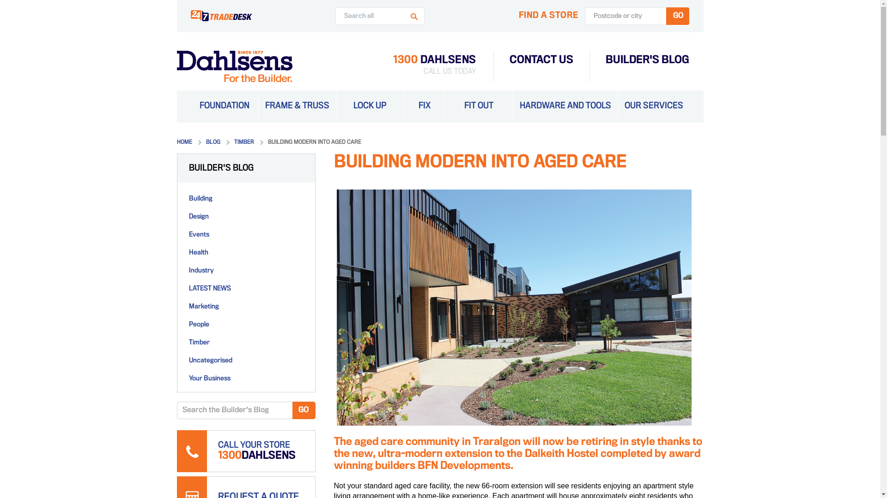 The height and width of the screenshot is (498, 887). What do you see at coordinates (304, 410) in the screenshot?
I see `'GO'` at bounding box center [304, 410].